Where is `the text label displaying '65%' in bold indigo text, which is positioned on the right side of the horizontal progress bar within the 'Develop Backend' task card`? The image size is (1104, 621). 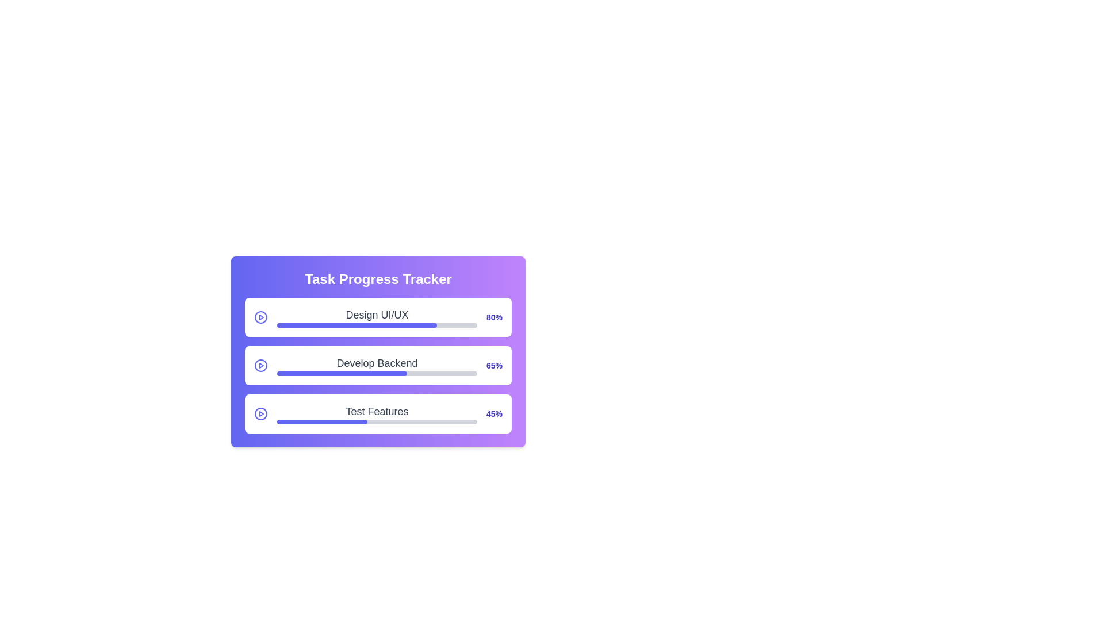 the text label displaying '65%' in bold indigo text, which is positioned on the right side of the horizontal progress bar within the 'Develop Backend' task card is located at coordinates (494, 366).